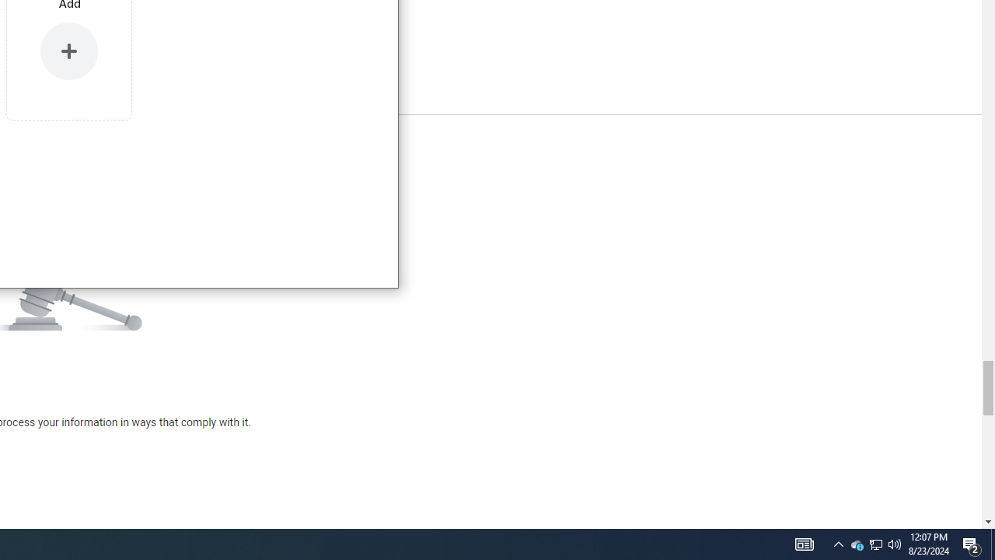 The width and height of the screenshot is (995, 560). Describe the element at coordinates (895, 543) in the screenshot. I see `'Q2790: 100%'` at that location.